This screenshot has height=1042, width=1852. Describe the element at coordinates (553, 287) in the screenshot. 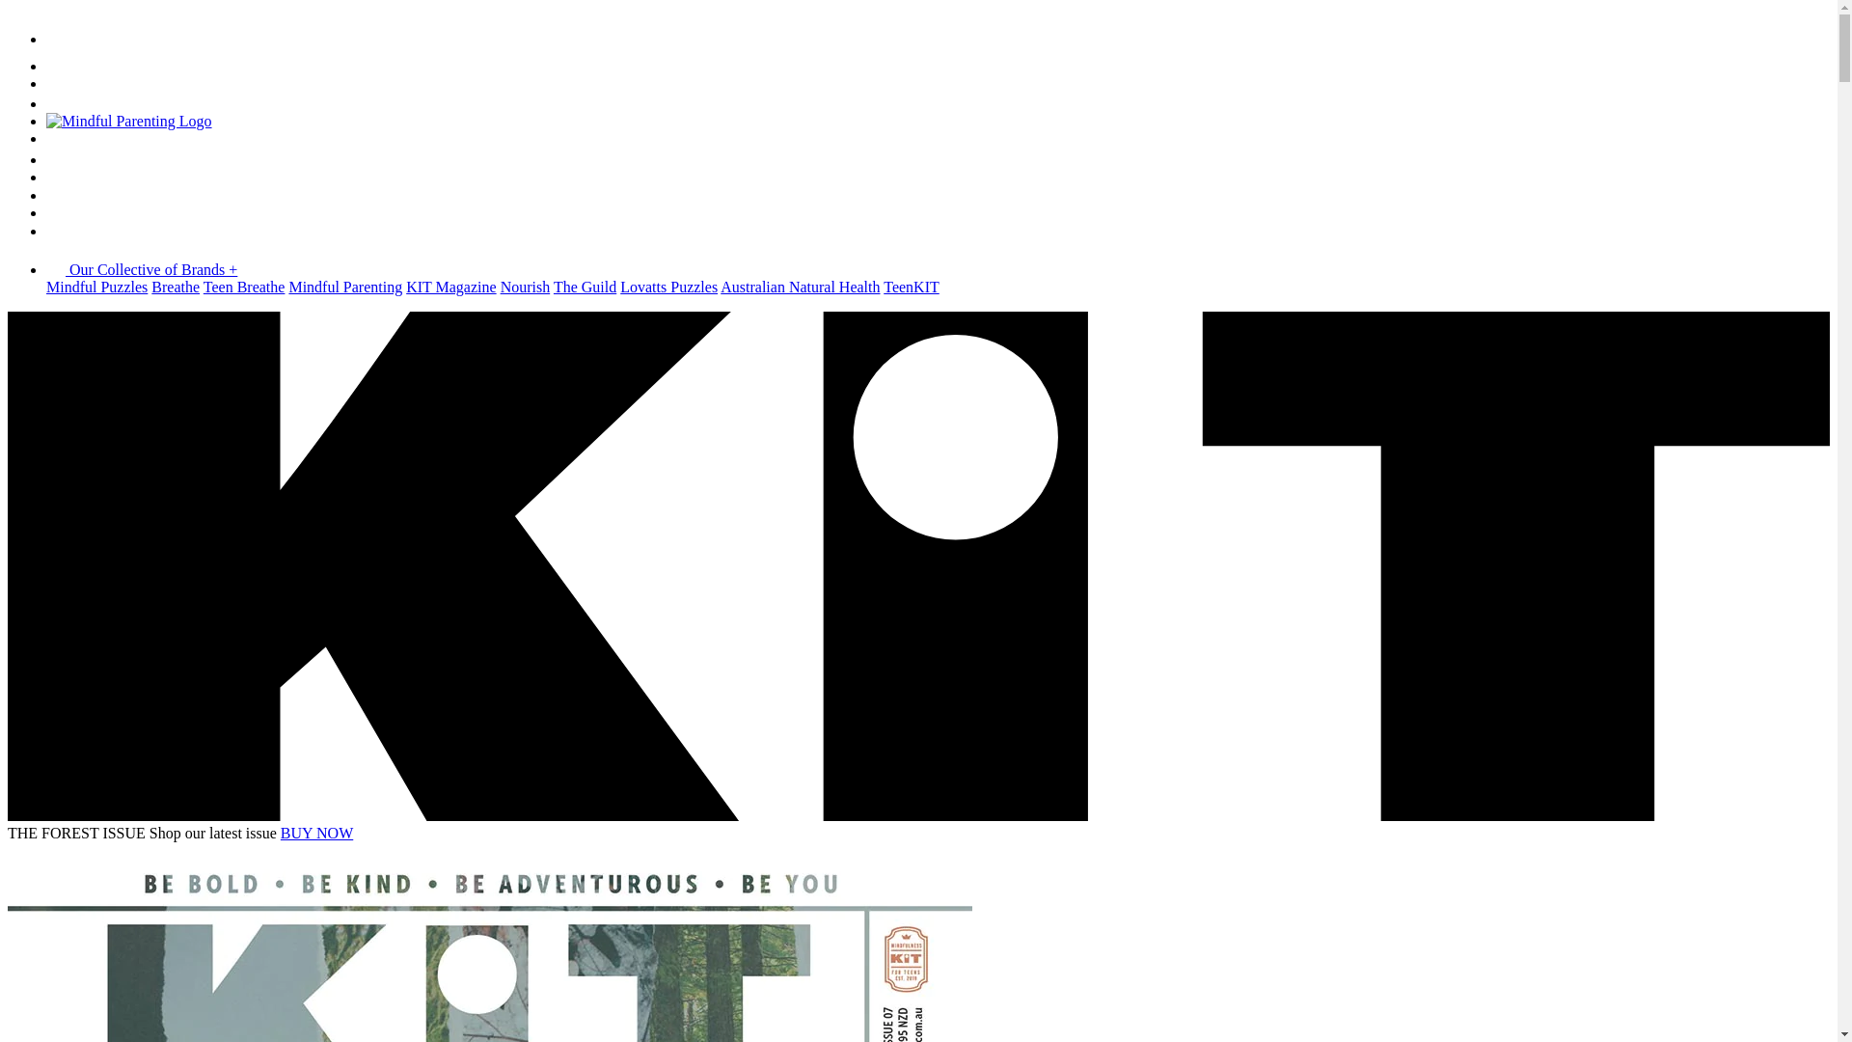

I see `'The Guild'` at that location.